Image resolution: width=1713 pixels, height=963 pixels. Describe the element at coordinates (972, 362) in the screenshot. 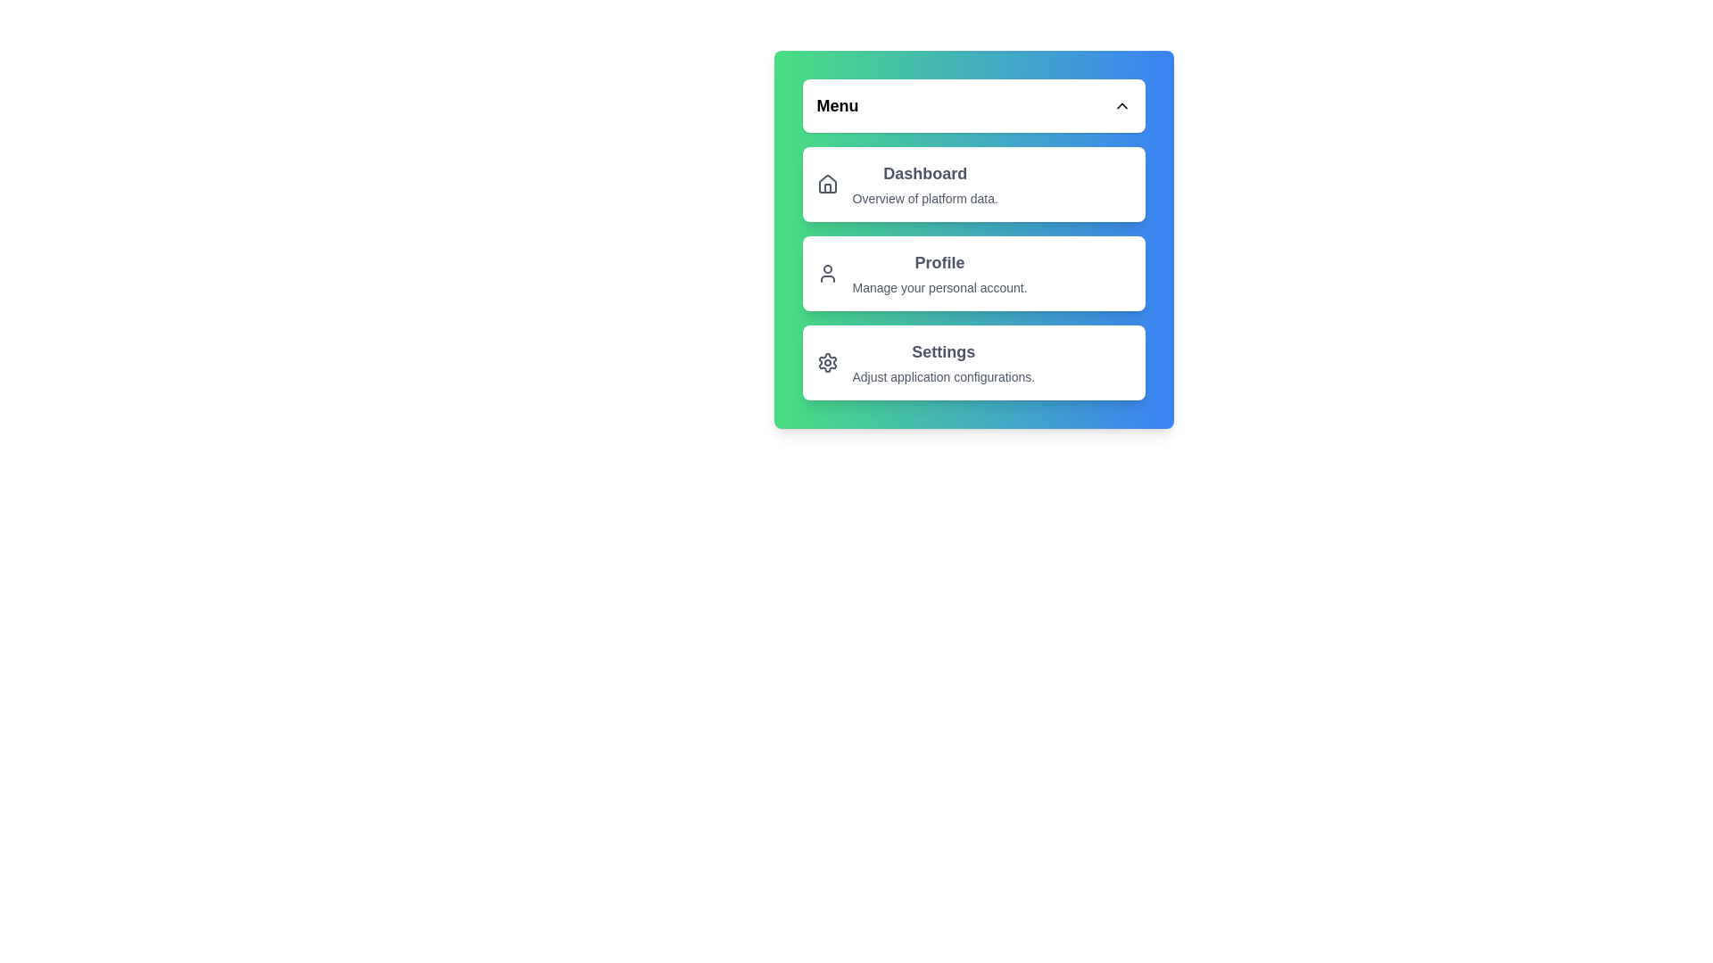

I see `the menu item Settings` at that location.